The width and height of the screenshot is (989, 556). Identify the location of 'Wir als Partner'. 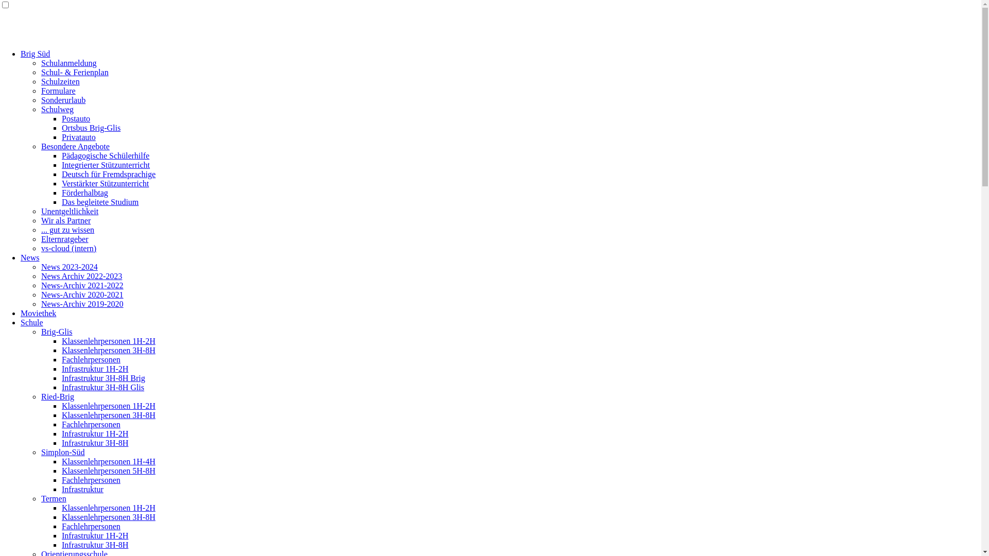
(65, 220).